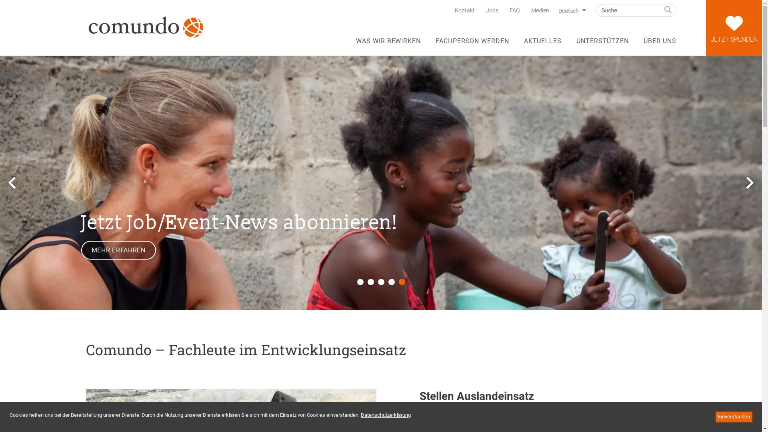 The width and height of the screenshot is (768, 432). I want to click on 'MEHR ERFAHREN', so click(118, 250).